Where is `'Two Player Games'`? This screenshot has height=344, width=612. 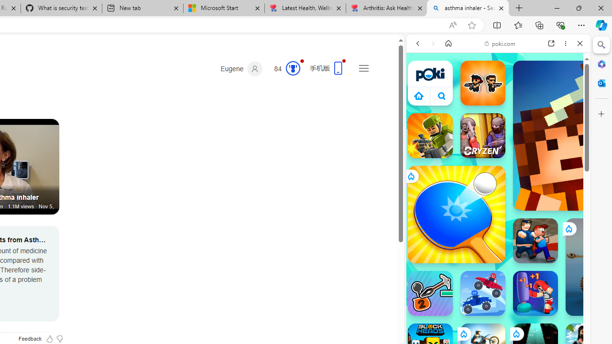
'Two Player Games' is located at coordinates (498, 271).